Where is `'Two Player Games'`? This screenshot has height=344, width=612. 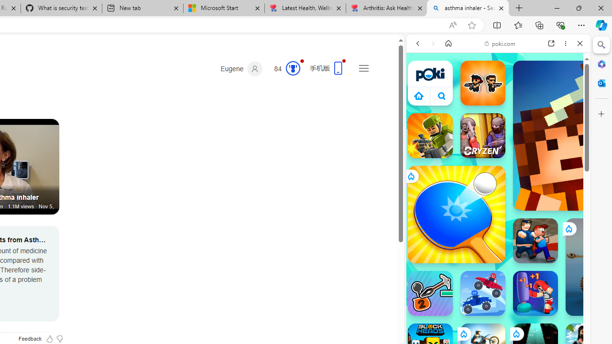
'Two Player Games' is located at coordinates (498, 271).